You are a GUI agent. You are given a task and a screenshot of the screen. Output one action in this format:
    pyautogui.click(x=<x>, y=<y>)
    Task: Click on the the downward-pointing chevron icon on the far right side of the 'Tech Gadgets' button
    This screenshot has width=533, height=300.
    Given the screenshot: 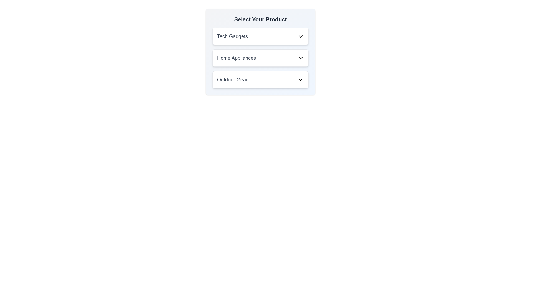 What is the action you would take?
    pyautogui.click(x=300, y=36)
    